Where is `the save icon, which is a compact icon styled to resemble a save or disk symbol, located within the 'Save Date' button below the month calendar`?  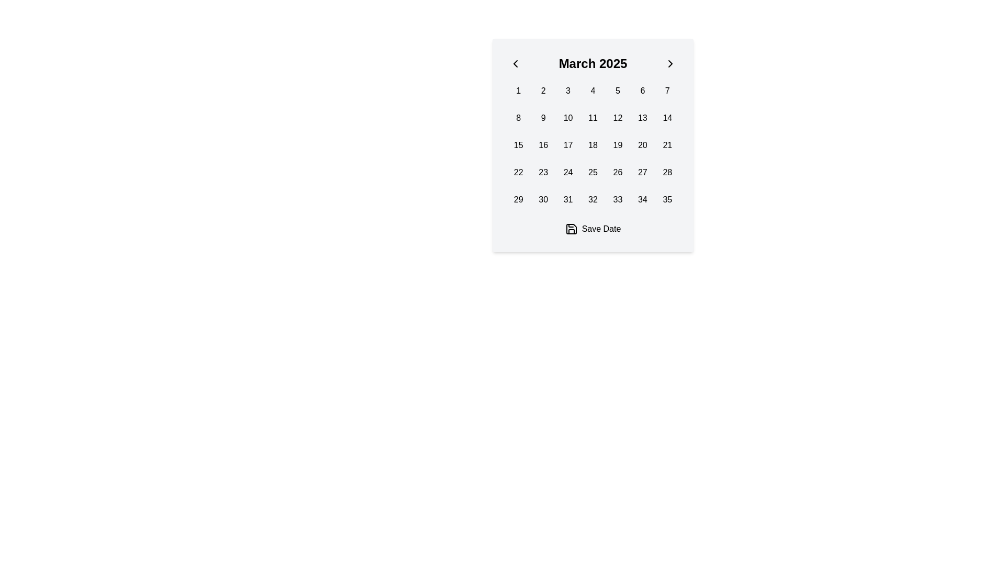 the save icon, which is a compact icon styled to resemble a save or disk symbol, located within the 'Save Date' button below the month calendar is located at coordinates (571, 229).